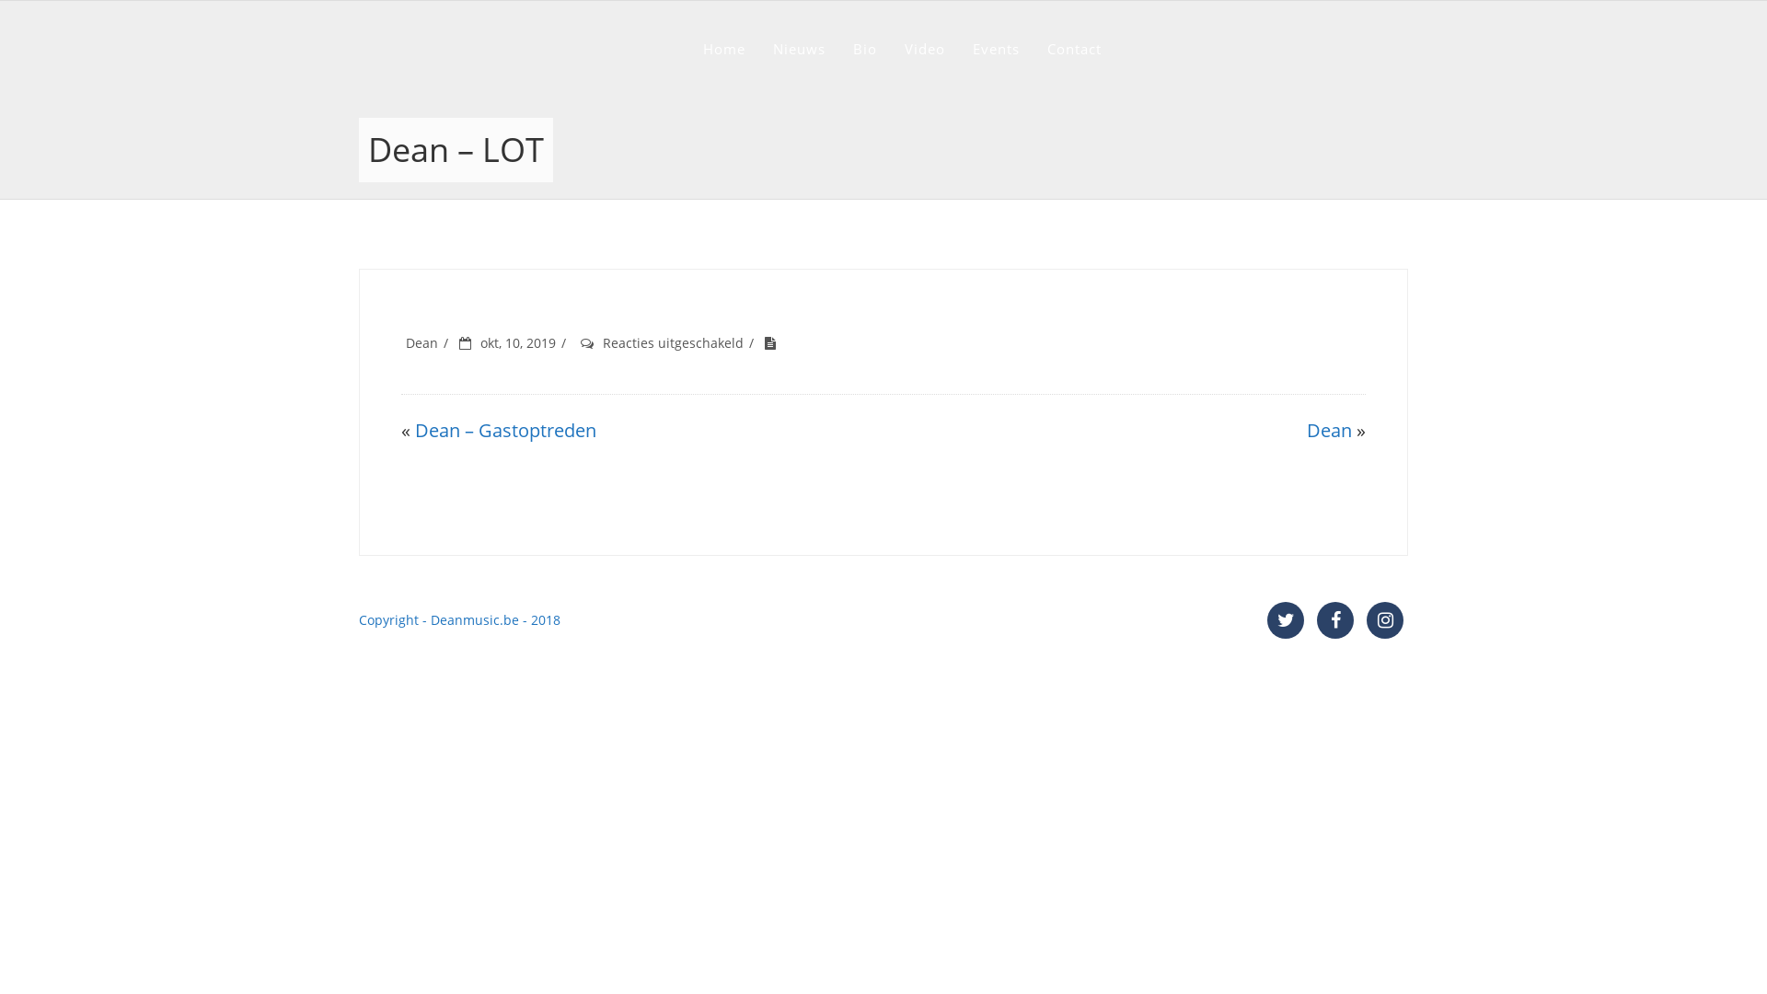 The height and width of the screenshot is (994, 1767). Describe the element at coordinates (1315, 620) in the screenshot. I see `'Facebook'` at that location.